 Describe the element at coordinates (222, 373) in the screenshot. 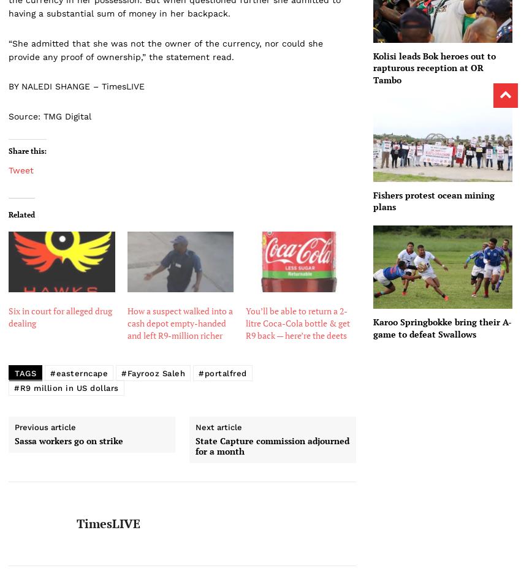

I see `'#portalfred'` at that location.